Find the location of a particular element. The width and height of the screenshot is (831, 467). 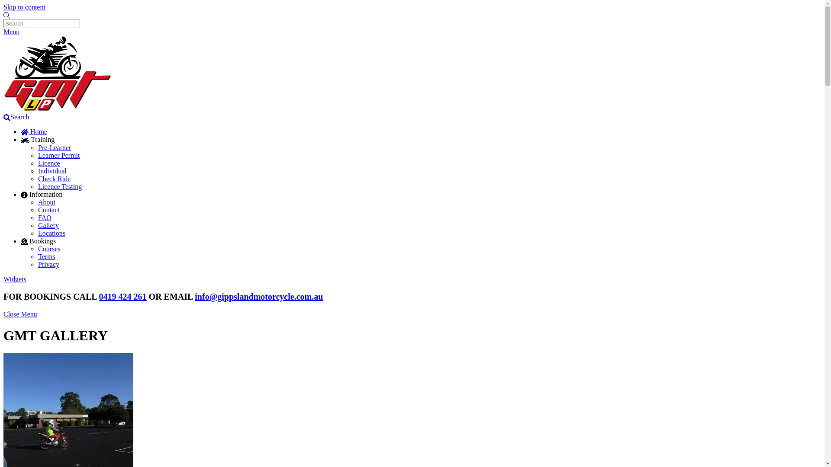

'0419 424 261' is located at coordinates (99, 296).